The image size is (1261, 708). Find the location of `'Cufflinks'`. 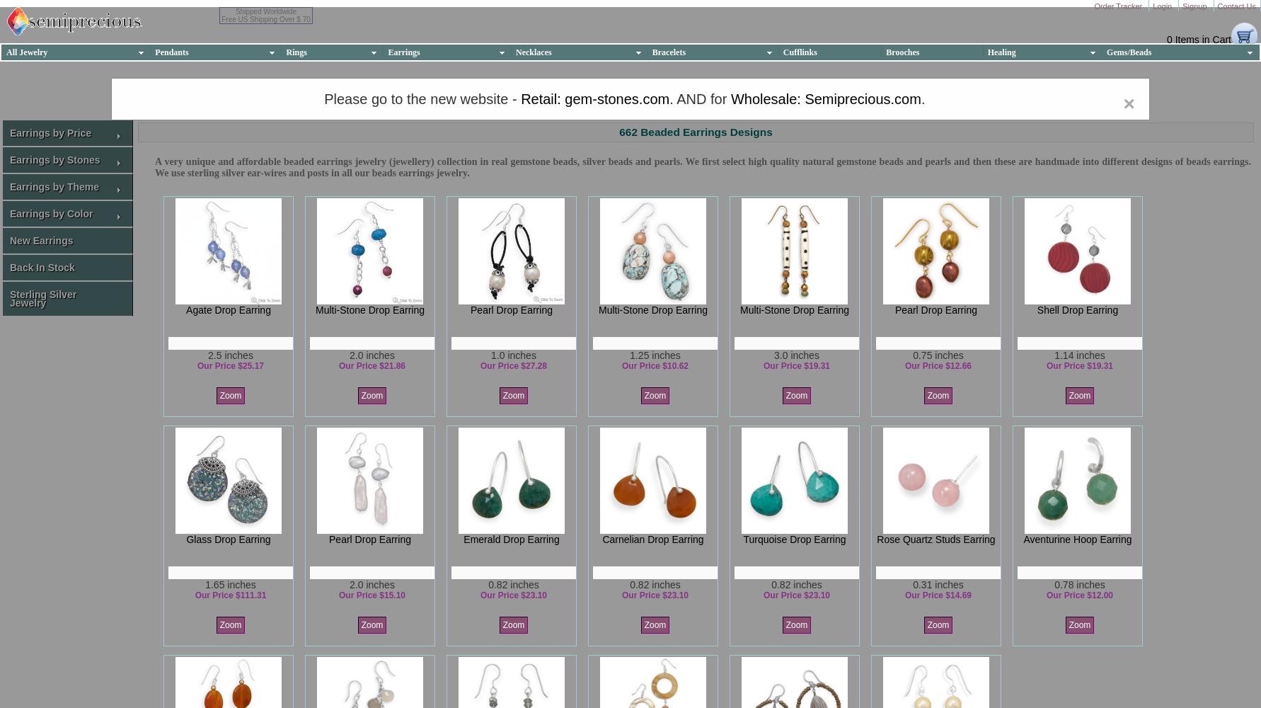

'Cufflinks' is located at coordinates (783, 51).